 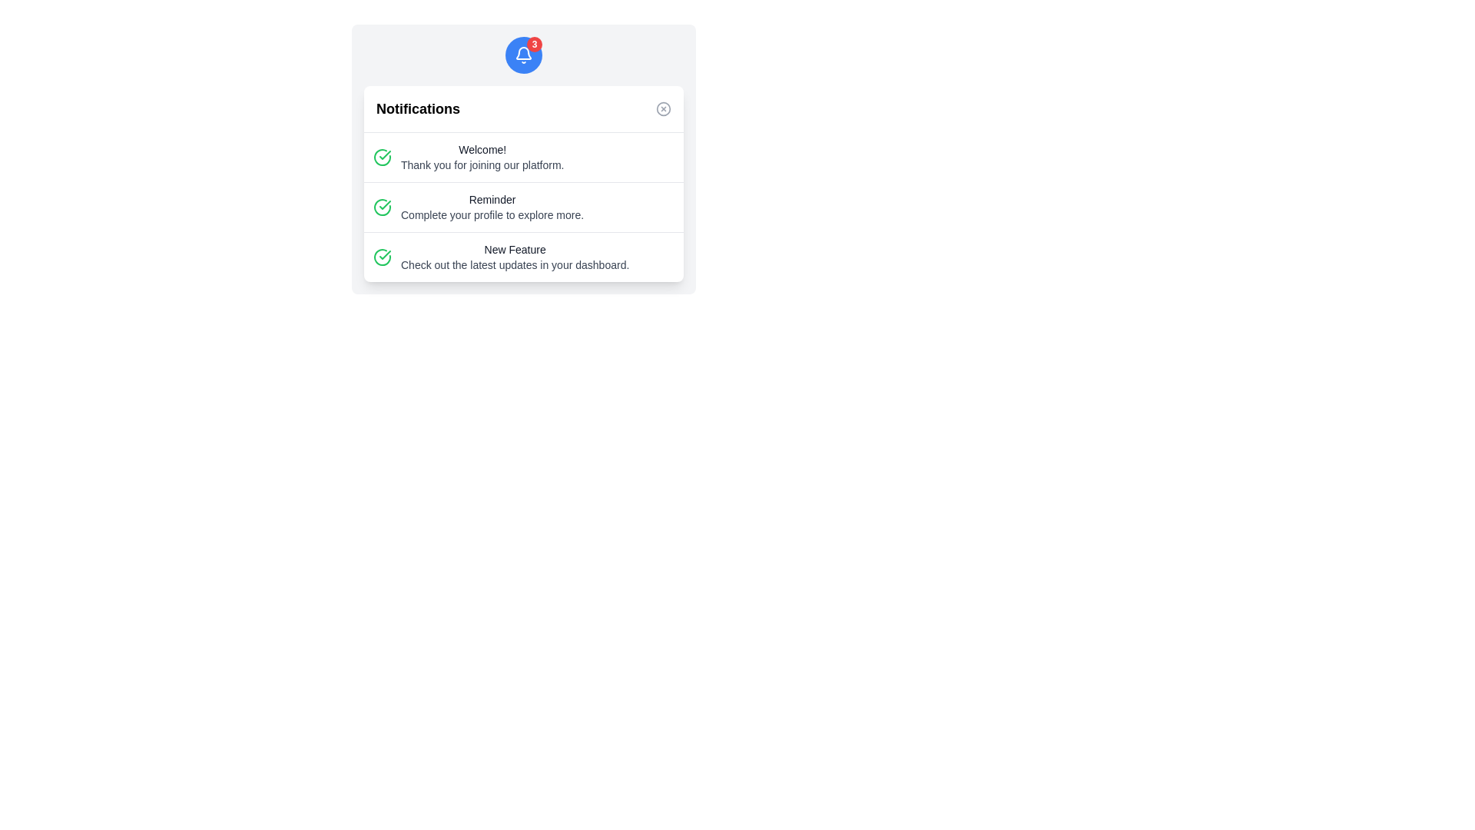 I want to click on information from the notification item titled 'New Feature' which contains a description about the latest updates in the dashboard, so click(x=523, y=256).